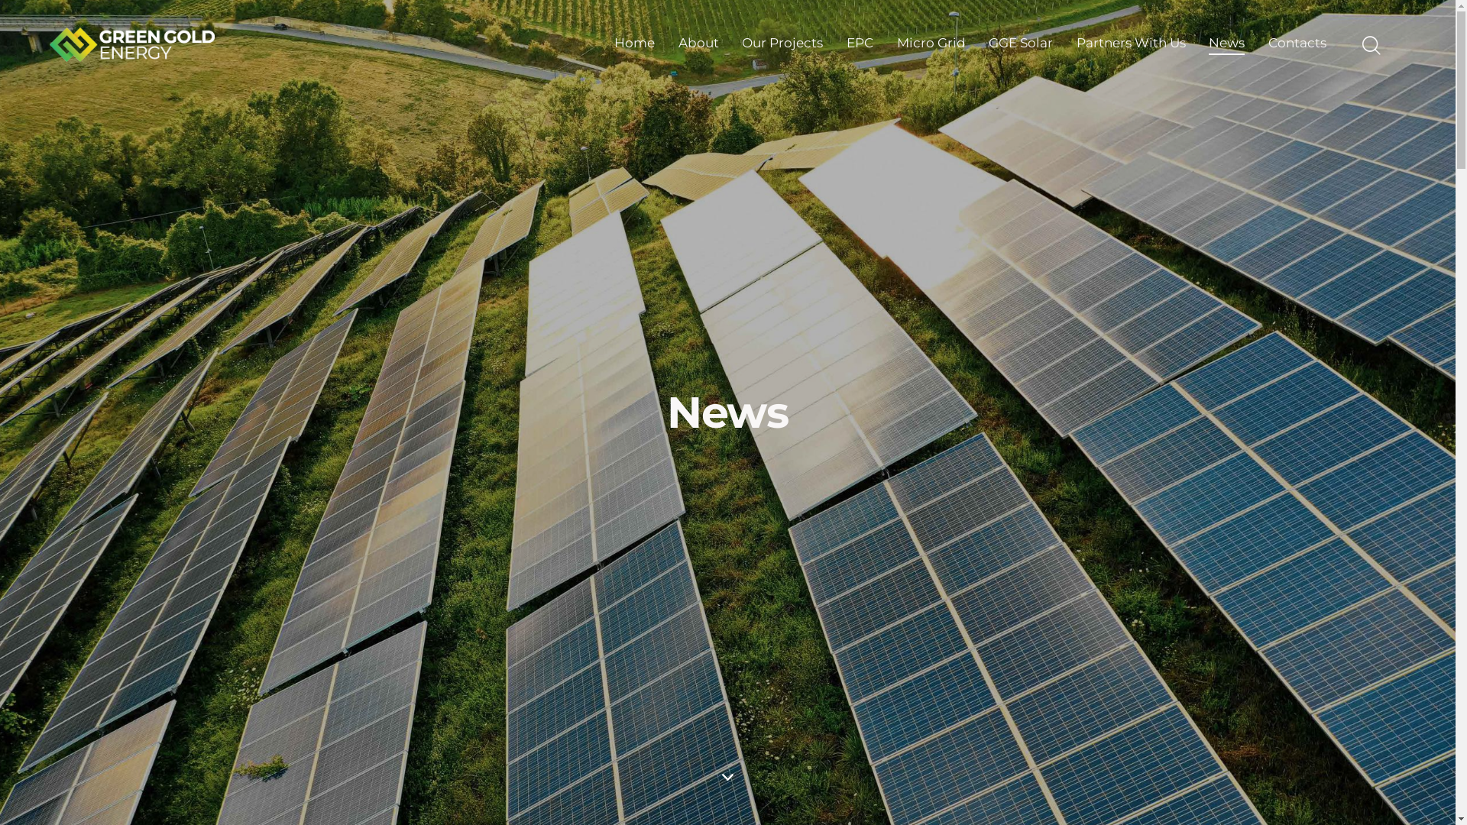 The image size is (1467, 825). What do you see at coordinates (1130, 43) in the screenshot?
I see `'Partners With Us'` at bounding box center [1130, 43].